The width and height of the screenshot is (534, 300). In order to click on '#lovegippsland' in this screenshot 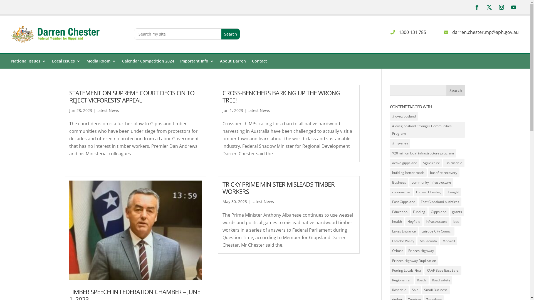, I will do `click(389, 116)`.